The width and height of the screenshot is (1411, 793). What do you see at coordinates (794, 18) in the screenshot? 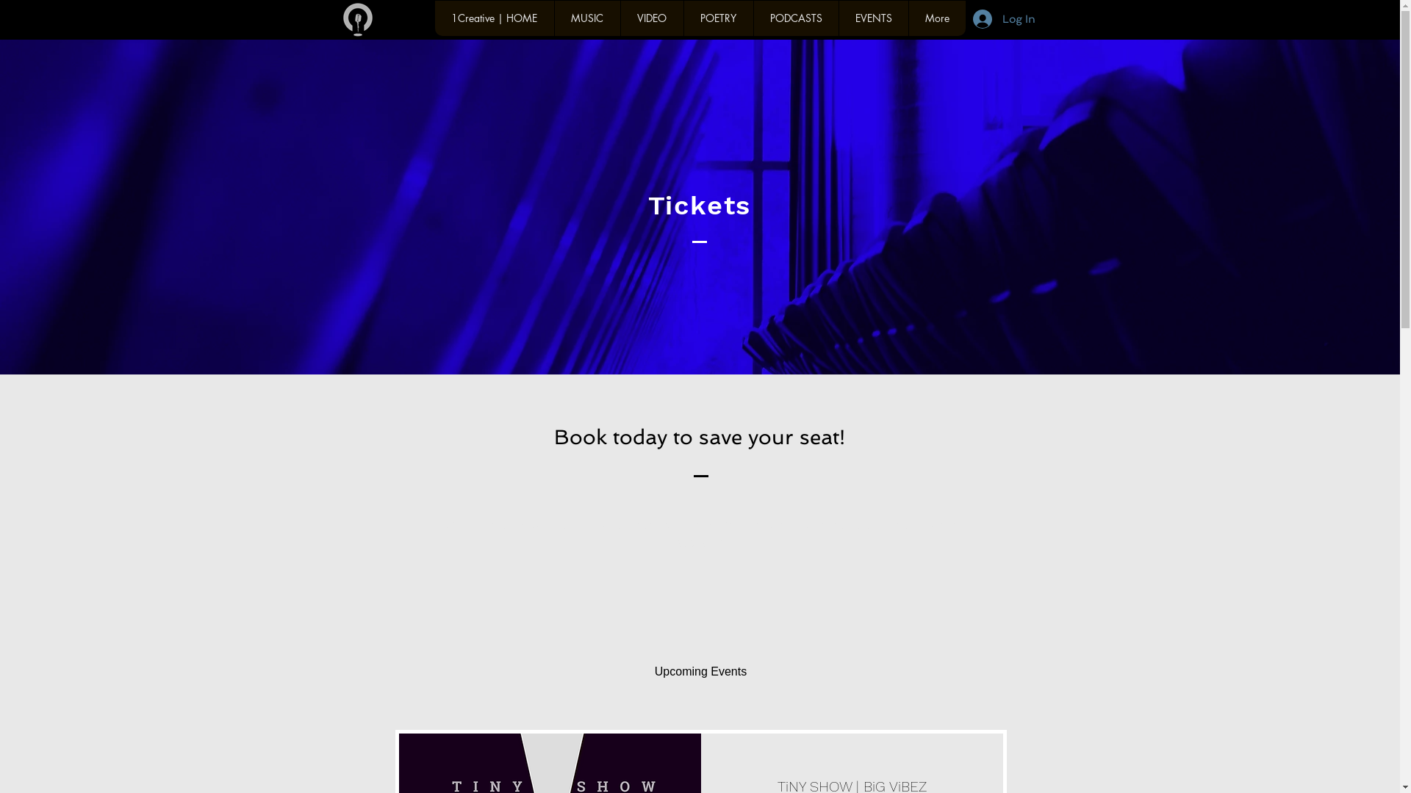
I see `'PODCASTS'` at bounding box center [794, 18].